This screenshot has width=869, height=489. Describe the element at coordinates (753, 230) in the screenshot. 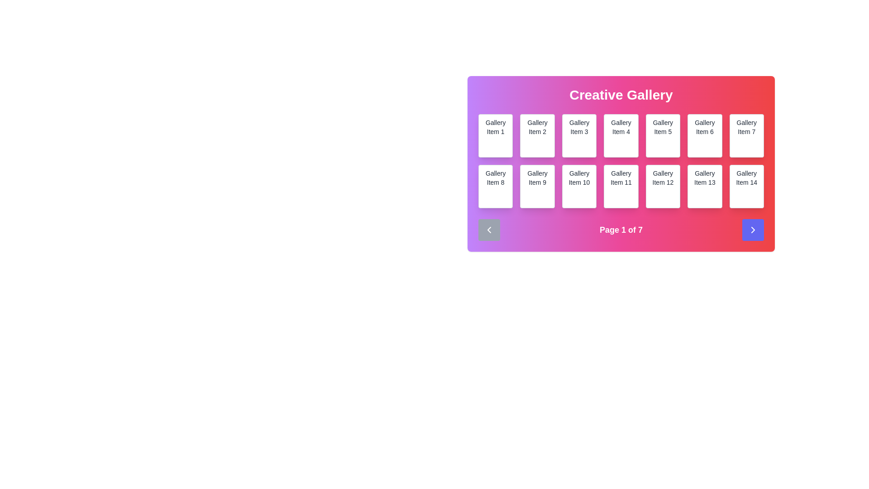

I see `the vibrant indigo rectangular button with a rounded border containing a white right-facing chevron icon` at that location.